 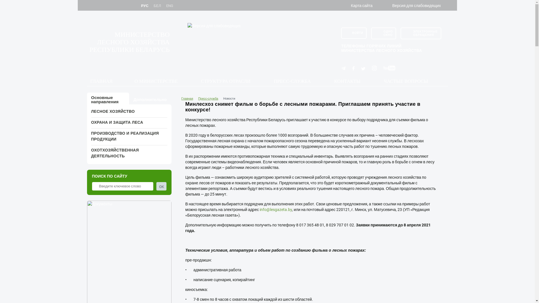 I want to click on 'OK', so click(x=161, y=186).